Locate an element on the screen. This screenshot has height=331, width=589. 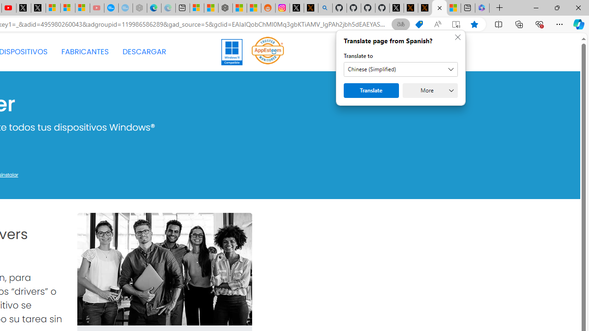
'github - Search' is located at coordinates (325, 8).